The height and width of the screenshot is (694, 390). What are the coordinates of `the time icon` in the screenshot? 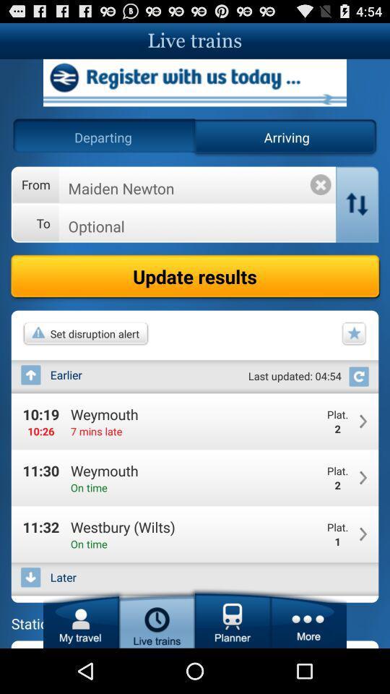 It's located at (156, 661).